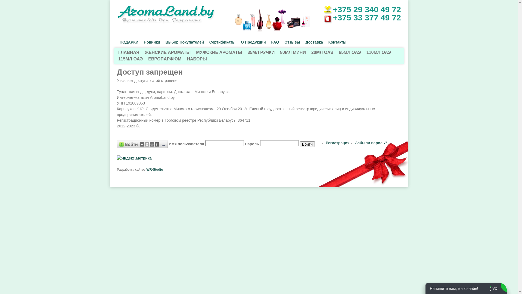 The height and width of the screenshot is (294, 522). I want to click on '+375 33 377 49 72', so click(367, 17).